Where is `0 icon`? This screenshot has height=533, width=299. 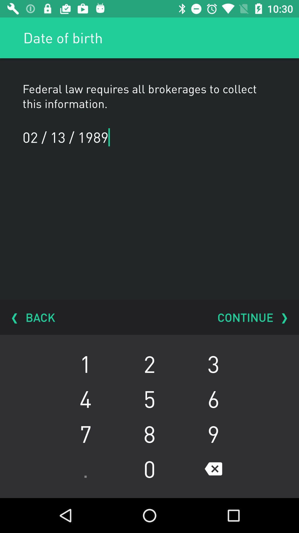
0 icon is located at coordinates (149, 469).